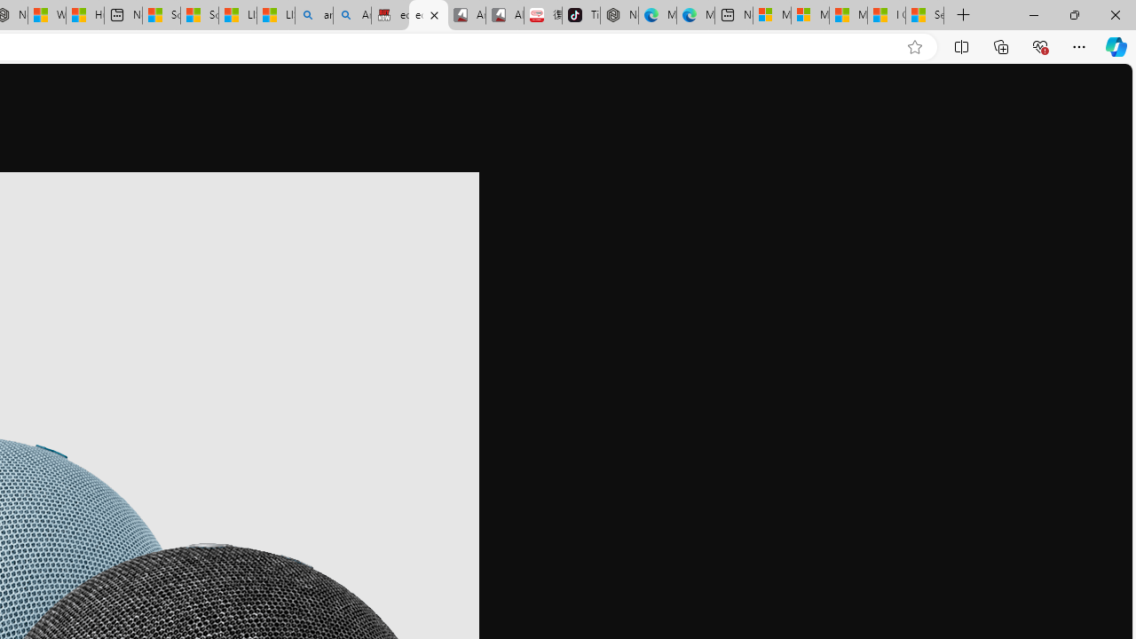  Describe the element at coordinates (887, 15) in the screenshot. I see `'I Gained 20 Pounds of Muscle in 30 Days! | Watch'` at that location.